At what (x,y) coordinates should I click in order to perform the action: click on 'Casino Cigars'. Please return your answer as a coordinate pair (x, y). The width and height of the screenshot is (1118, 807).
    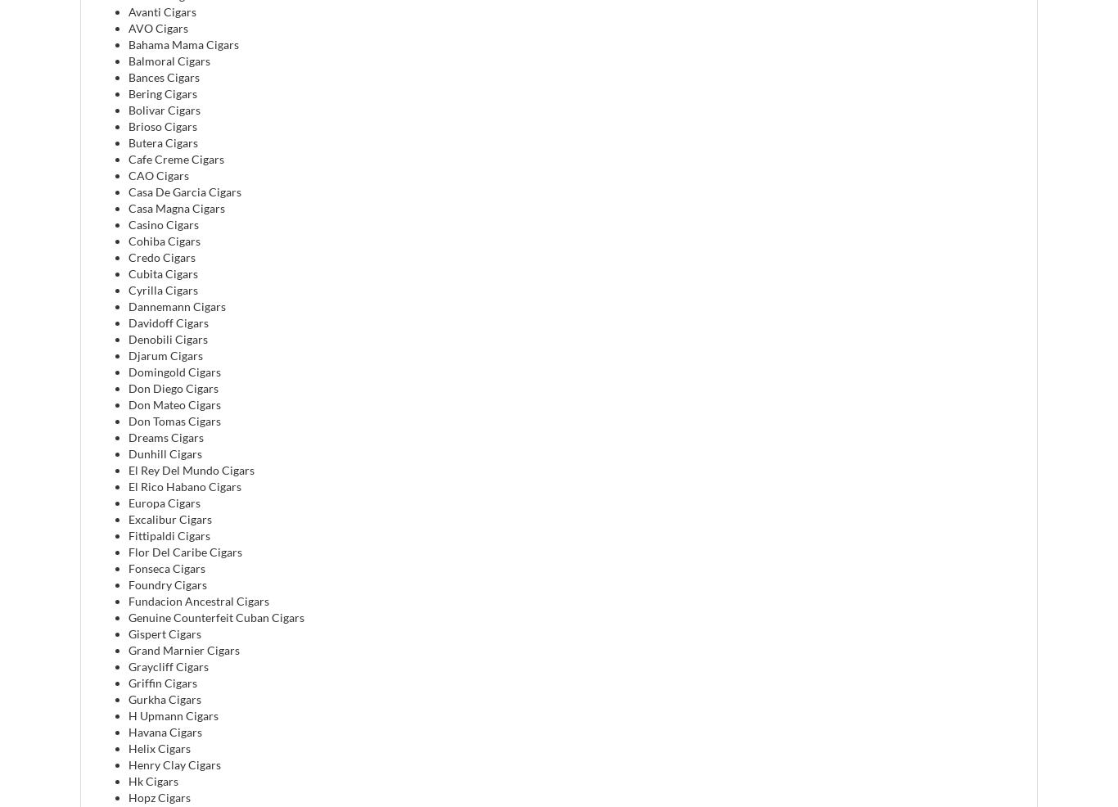
    Looking at the image, I should click on (162, 223).